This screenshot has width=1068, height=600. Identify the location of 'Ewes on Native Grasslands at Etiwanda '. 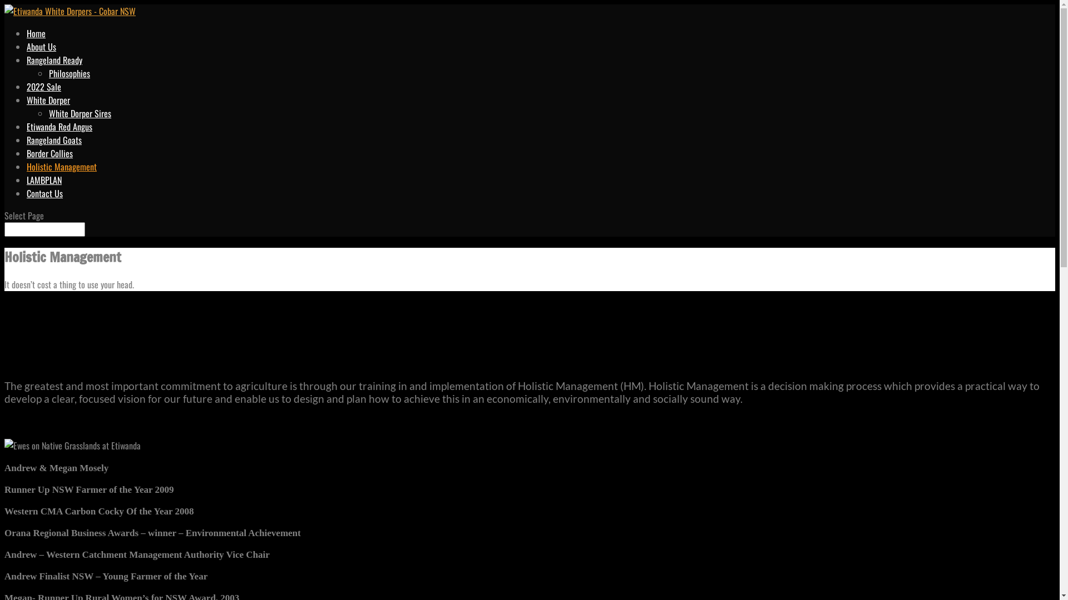
(72, 445).